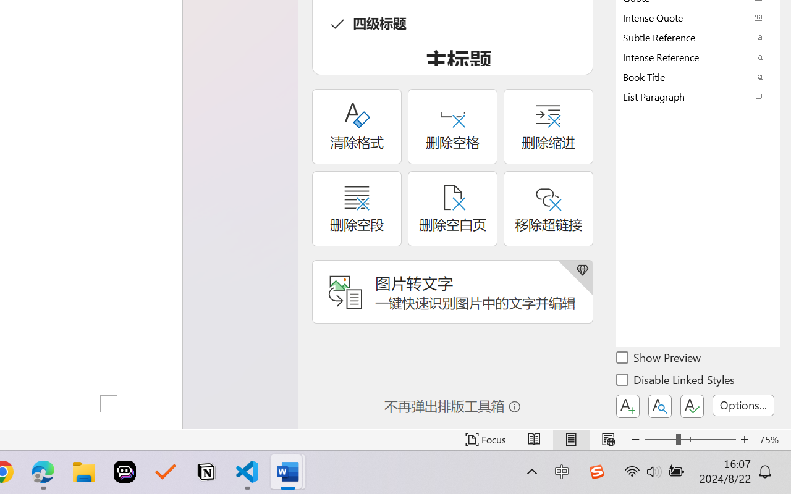 The width and height of the screenshot is (791, 494). What do you see at coordinates (743, 404) in the screenshot?
I see `'Options...'` at bounding box center [743, 404].